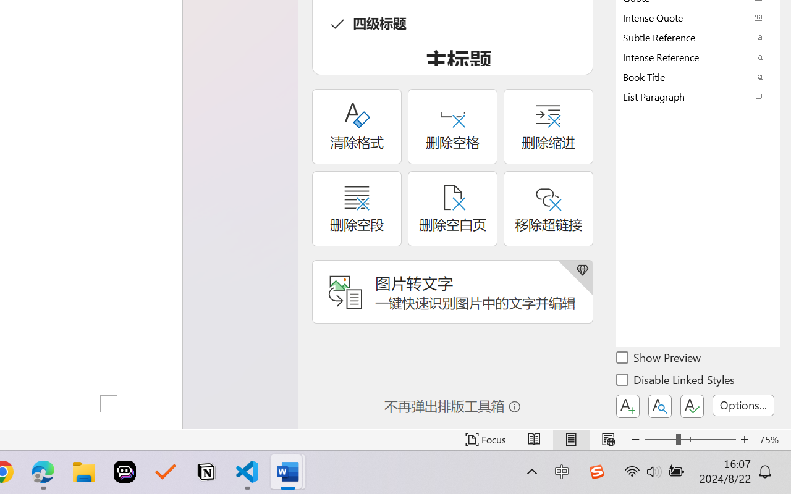 The width and height of the screenshot is (791, 494). What do you see at coordinates (743, 404) in the screenshot?
I see `'Options...'` at bounding box center [743, 404].